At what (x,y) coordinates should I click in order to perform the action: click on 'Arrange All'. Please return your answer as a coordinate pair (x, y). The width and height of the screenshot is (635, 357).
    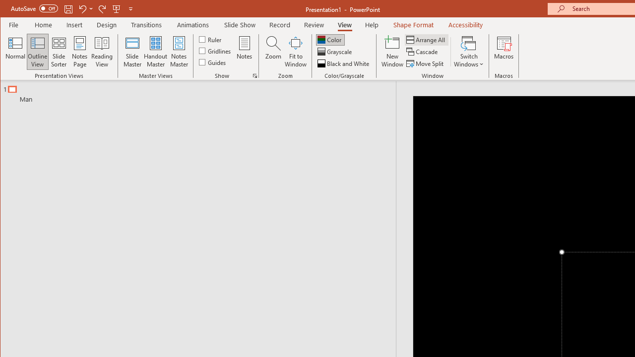
    Looking at the image, I should click on (427, 39).